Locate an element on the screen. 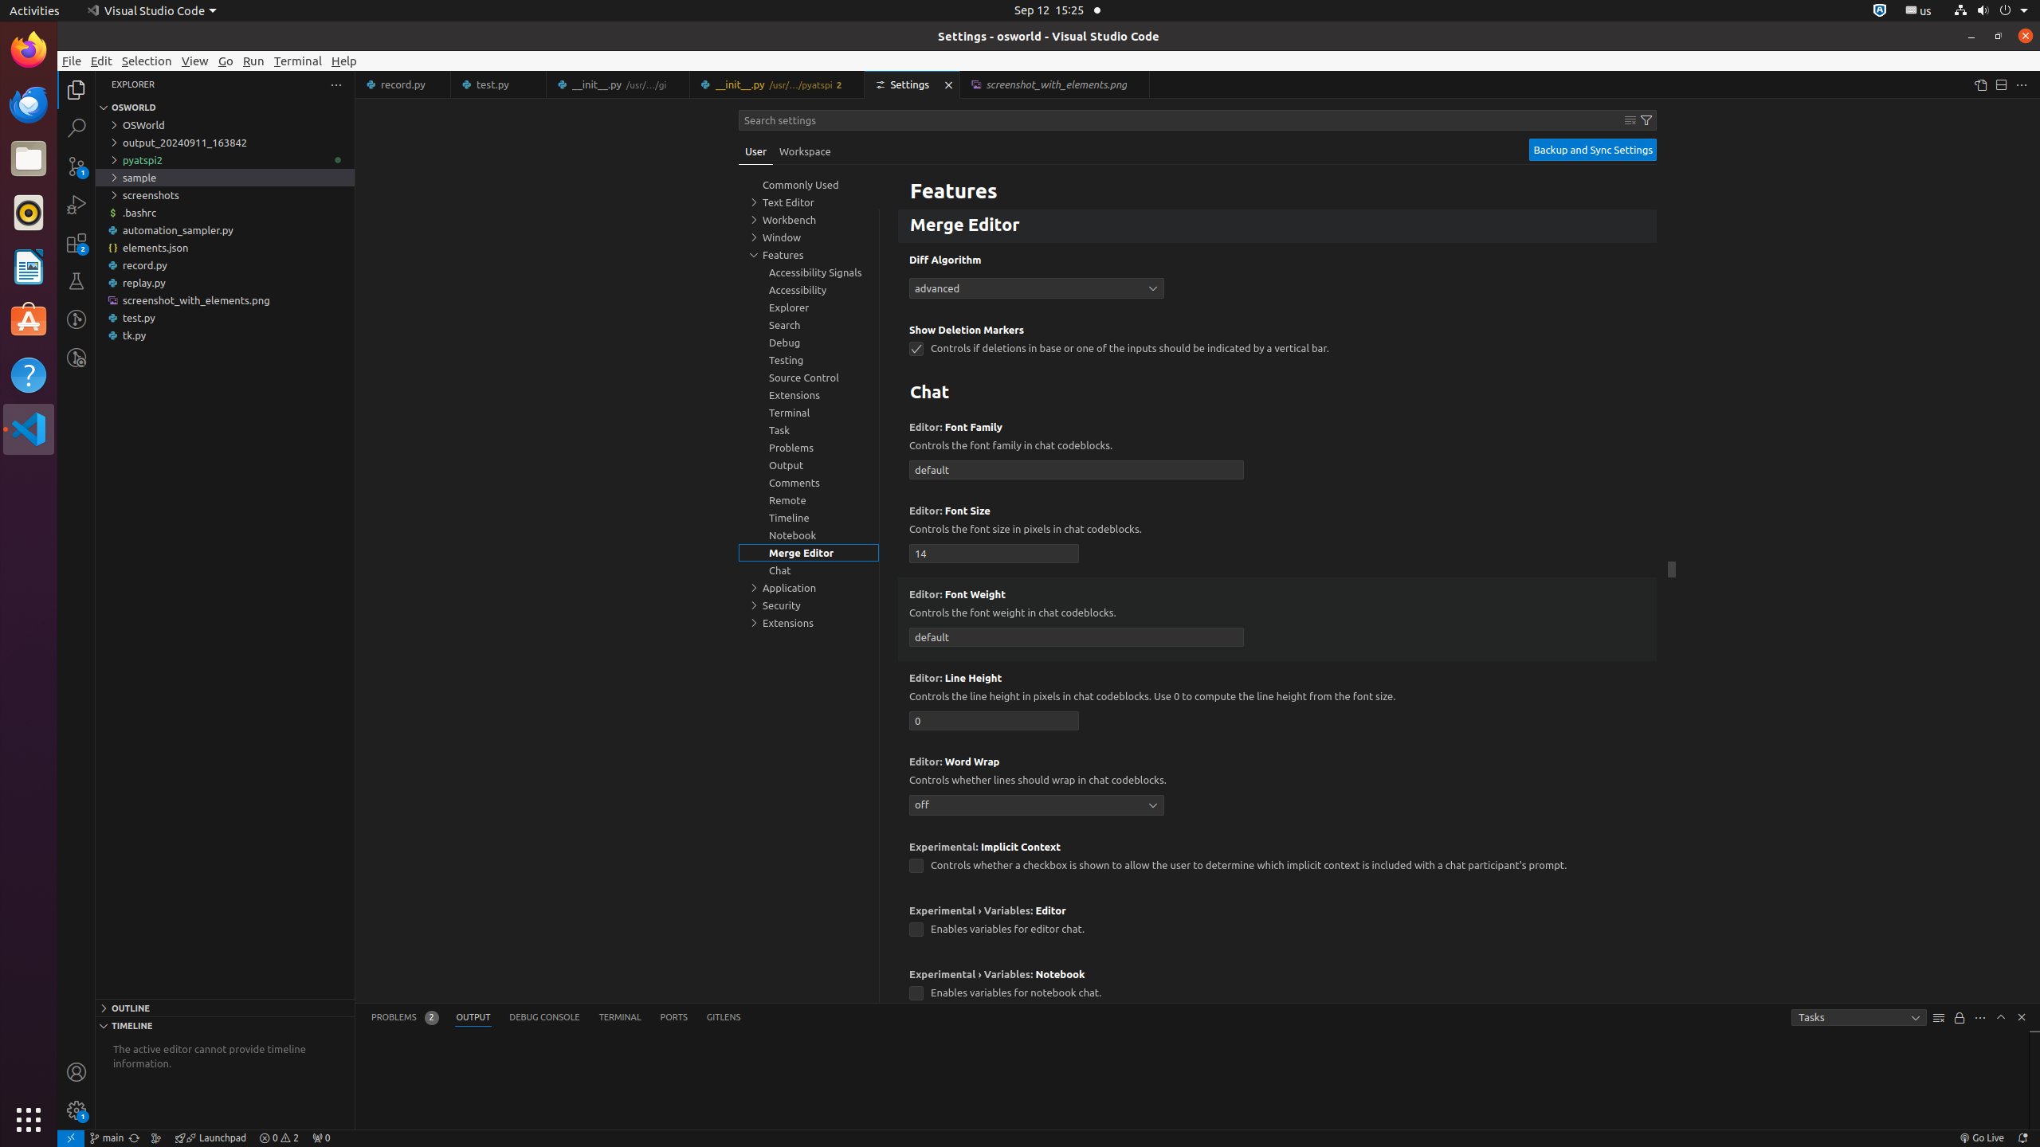 This screenshot has height=1147, width=2040. 'Workbench, group' is located at coordinates (809, 219).